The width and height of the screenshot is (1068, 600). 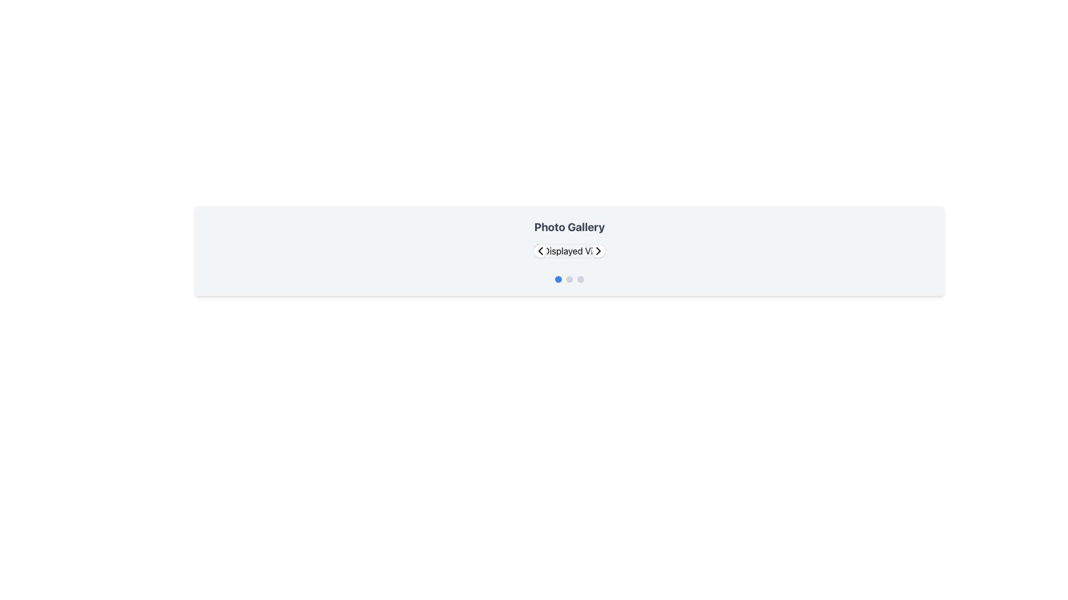 I want to click on the leftmost circular button below the 'Photo Gallery' header, so click(x=558, y=278).